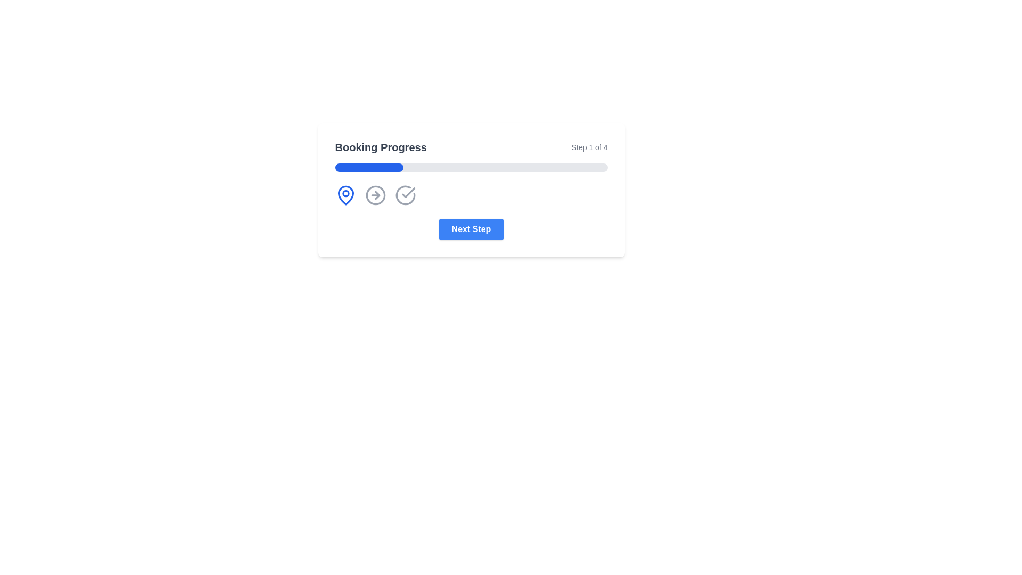  What do you see at coordinates (375, 195) in the screenshot?
I see `the rightwards arrow icon, which is the second icon in a row of three, positioned below the 'Booking Progress' bar` at bounding box center [375, 195].